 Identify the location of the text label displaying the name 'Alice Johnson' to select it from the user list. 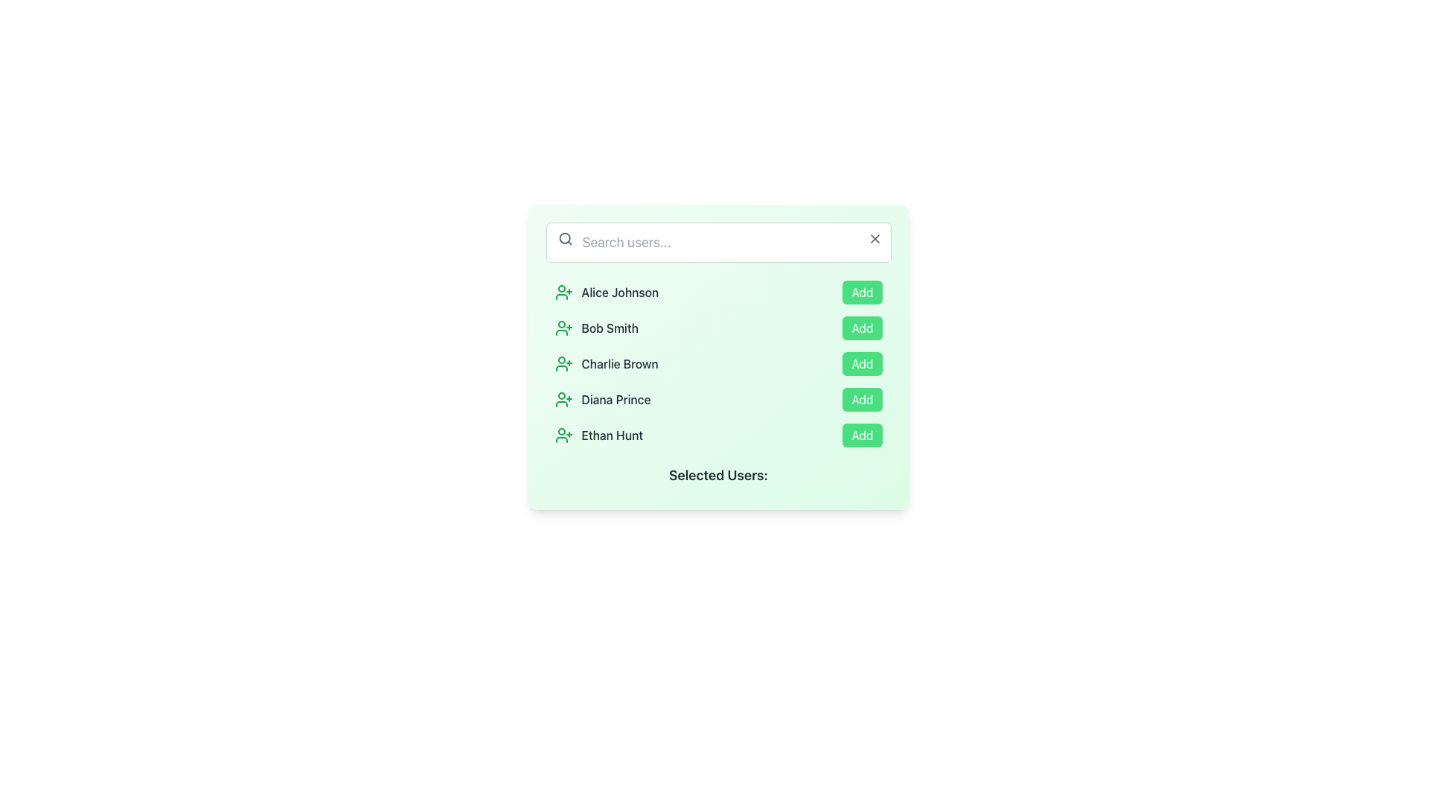
(607, 293).